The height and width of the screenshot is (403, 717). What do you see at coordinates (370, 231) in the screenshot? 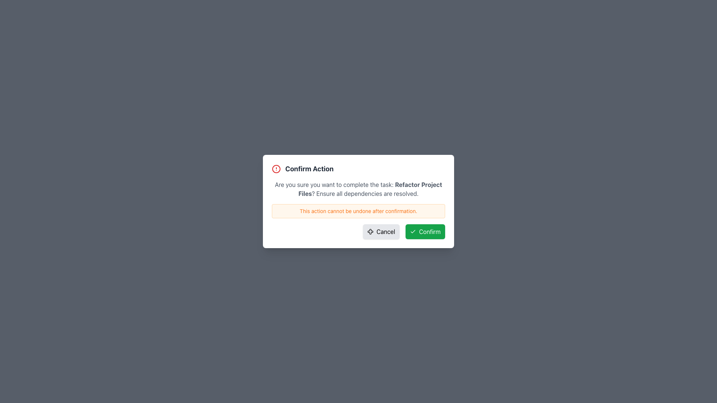
I see `the SVG cross icon of the 'Cancel' button in the modal window to visually indicate the cancel action` at bounding box center [370, 231].